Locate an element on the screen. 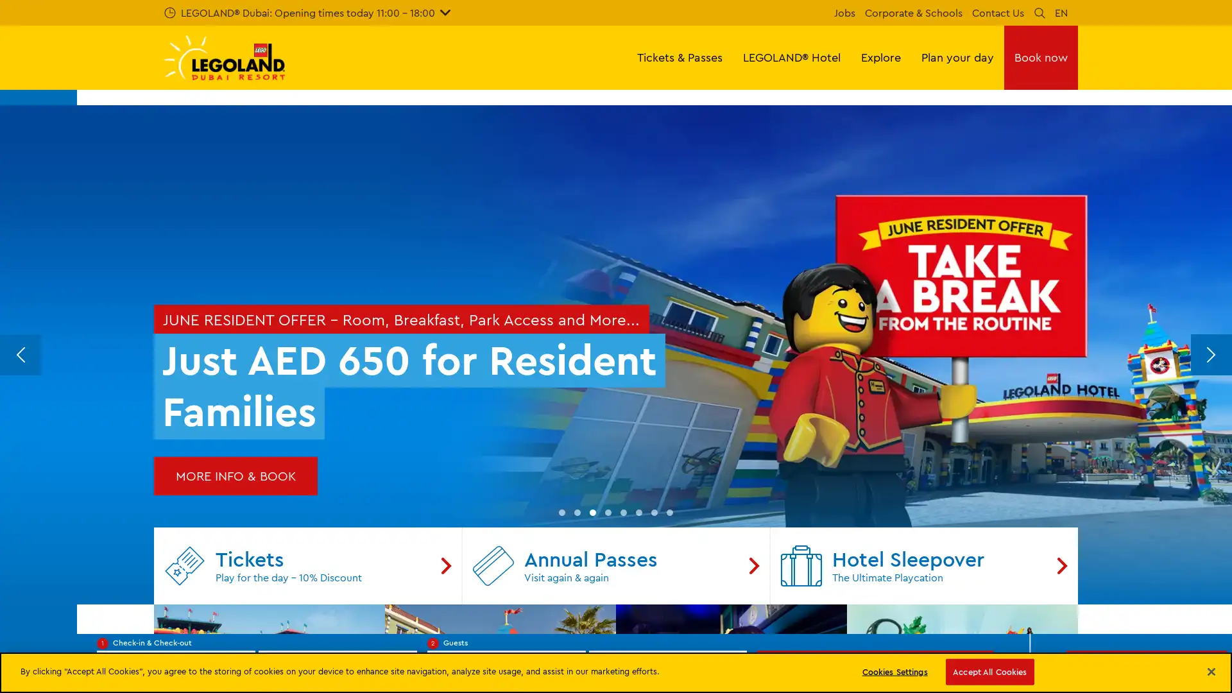 This screenshot has height=693, width=1232. Plan your day is located at coordinates (957, 56).